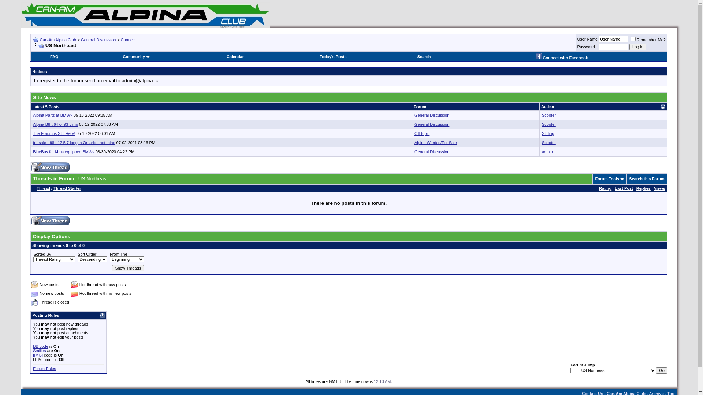  I want to click on 'New posts', so click(34, 284).